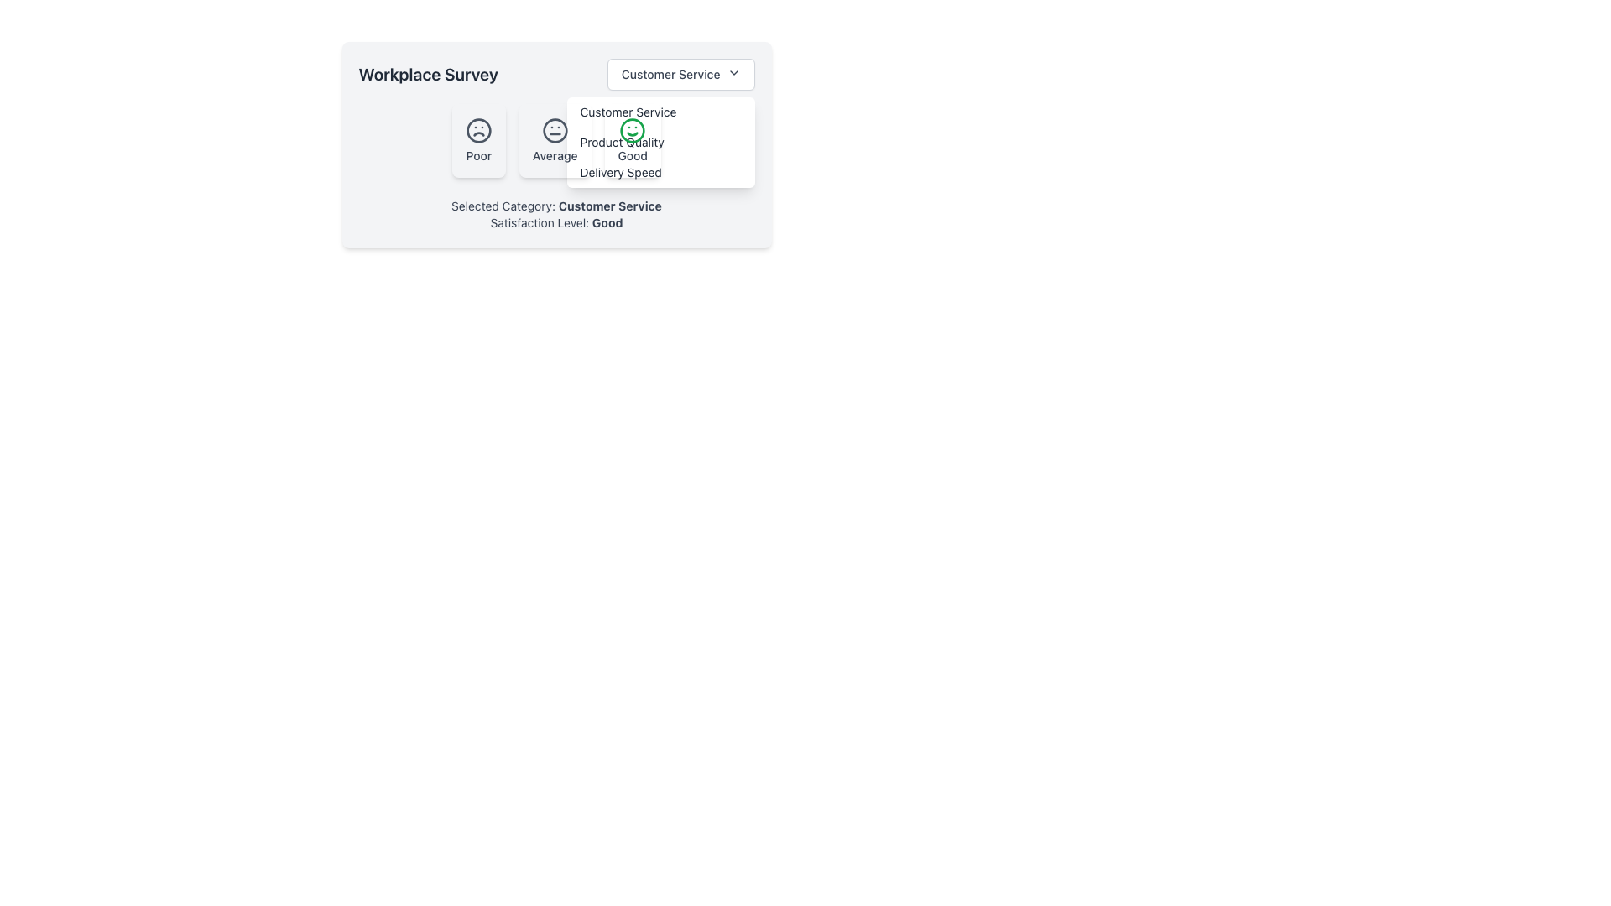  Describe the element at coordinates (556, 73) in the screenshot. I see `an item from the dropdown menu located at the top of the card-like structure with a header label and category-selection functionality` at that location.